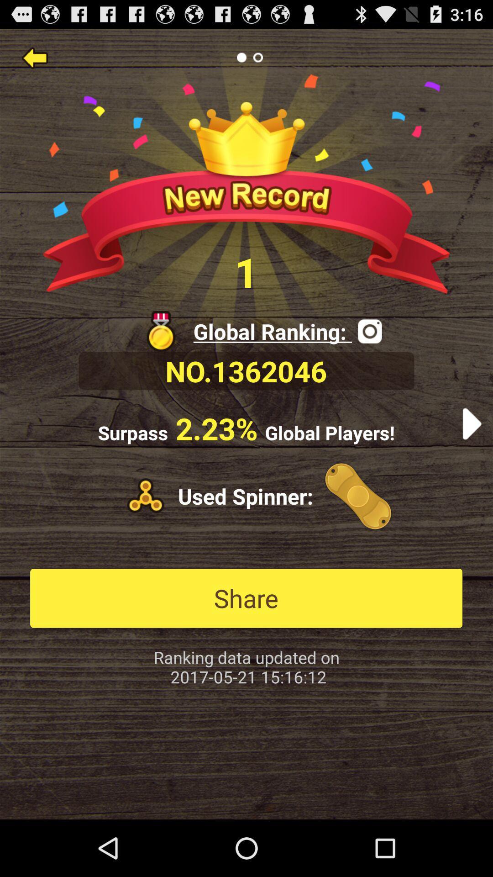 This screenshot has height=877, width=493. I want to click on the play icon, so click(472, 454).